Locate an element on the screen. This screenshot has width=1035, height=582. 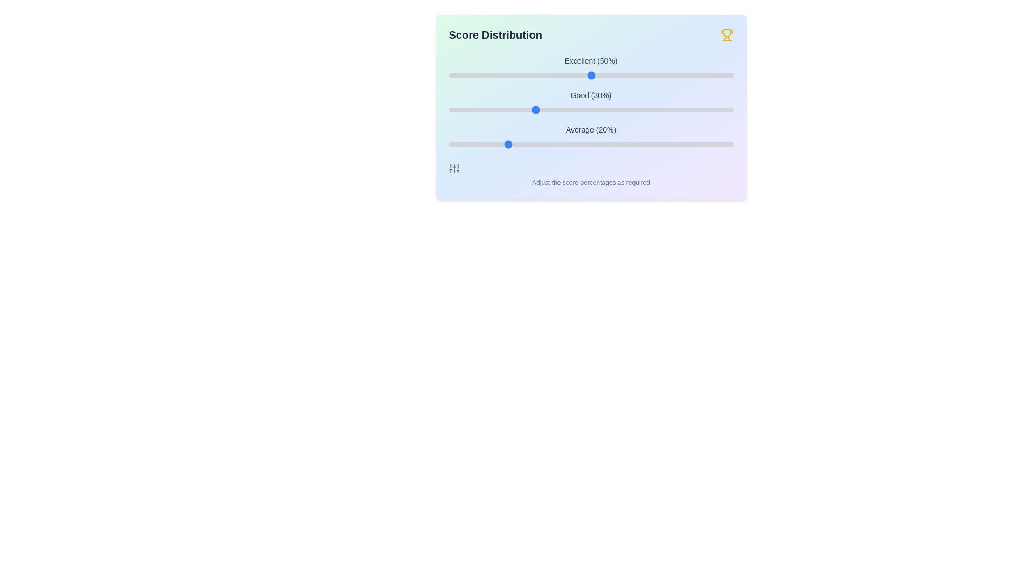
the 'Average' slider to 75% is located at coordinates (661, 143).